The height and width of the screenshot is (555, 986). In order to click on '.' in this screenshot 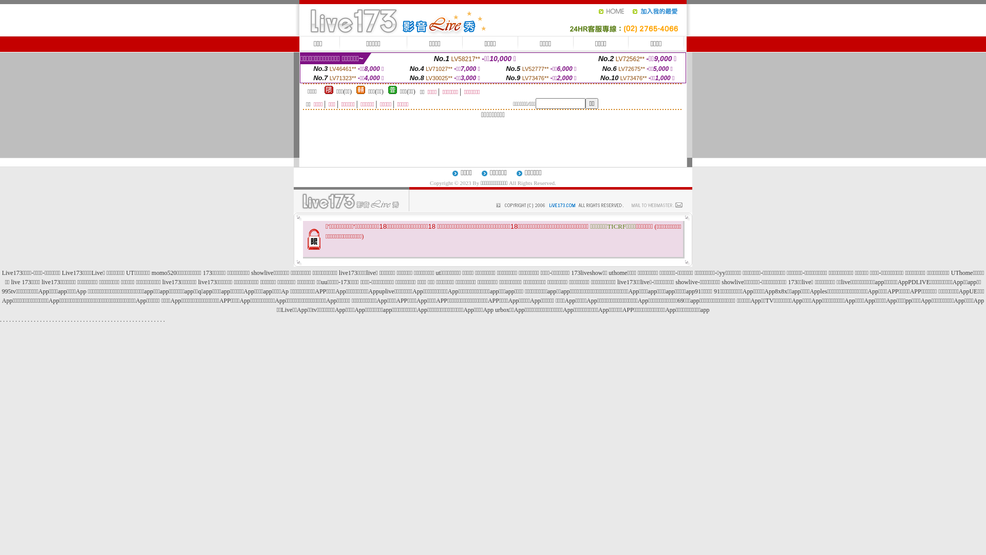, I will do `click(102, 319)`.